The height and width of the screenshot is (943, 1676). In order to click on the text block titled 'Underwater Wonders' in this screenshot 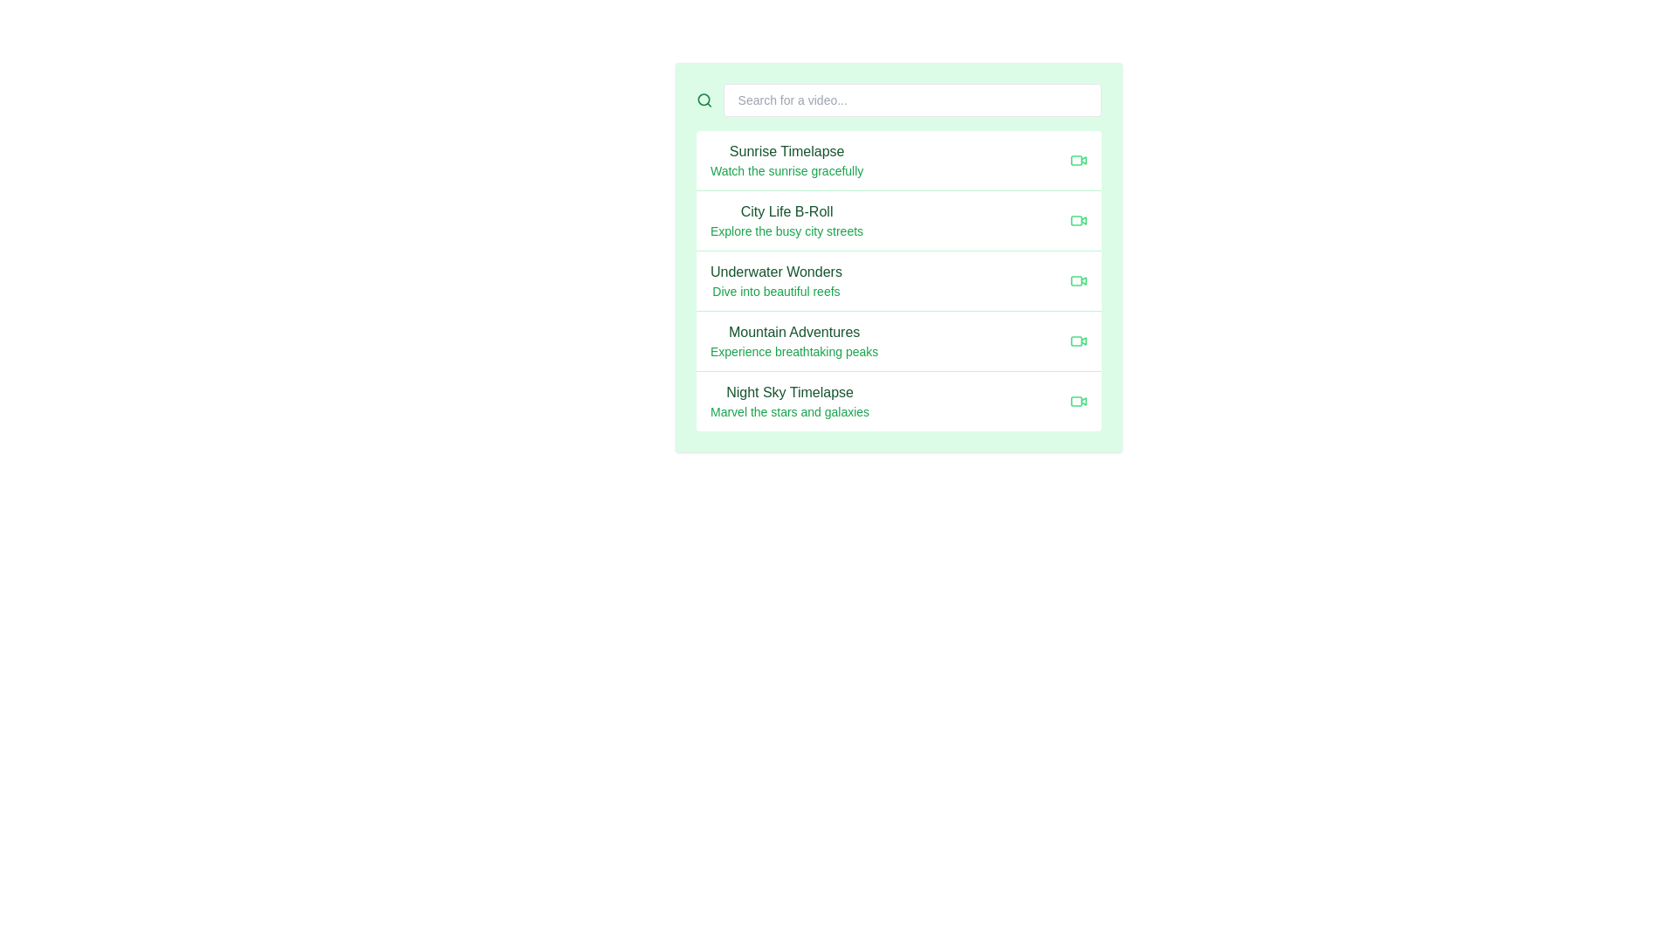, I will do `click(775, 279)`.